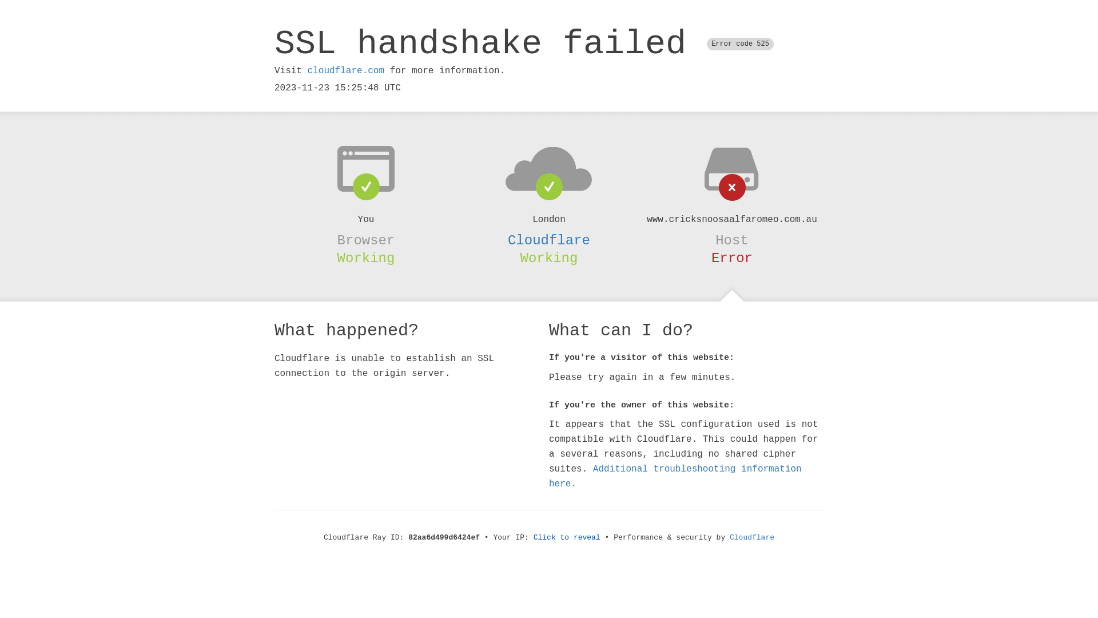  I want to click on 'Click to reveal', so click(567, 537).